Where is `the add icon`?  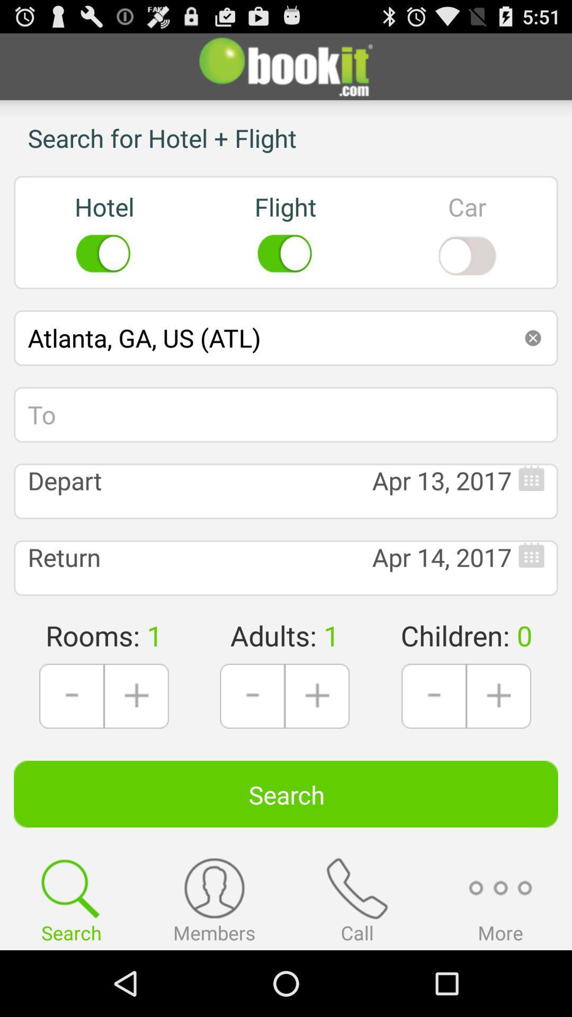 the add icon is located at coordinates (498, 744).